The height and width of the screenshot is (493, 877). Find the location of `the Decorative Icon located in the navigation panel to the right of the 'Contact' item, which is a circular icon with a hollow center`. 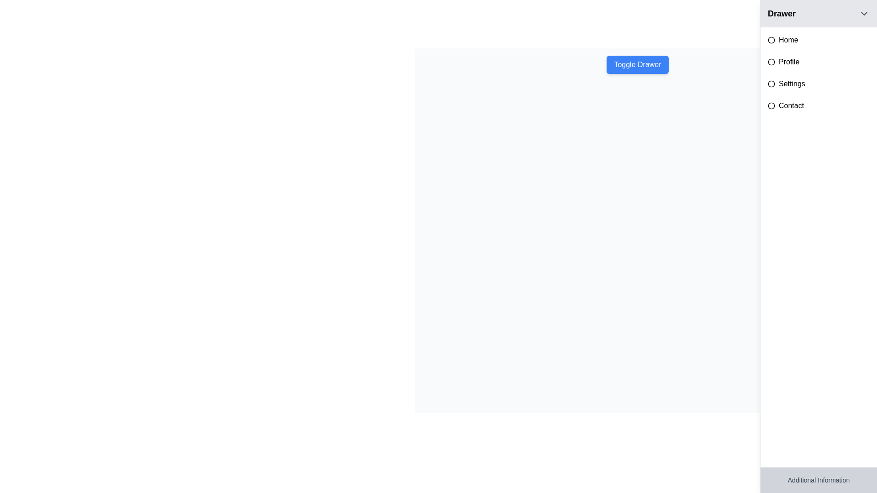

the Decorative Icon located in the navigation panel to the right of the 'Contact' item, which is a circular icon with a hollow center is located at coordinates (771, 105).